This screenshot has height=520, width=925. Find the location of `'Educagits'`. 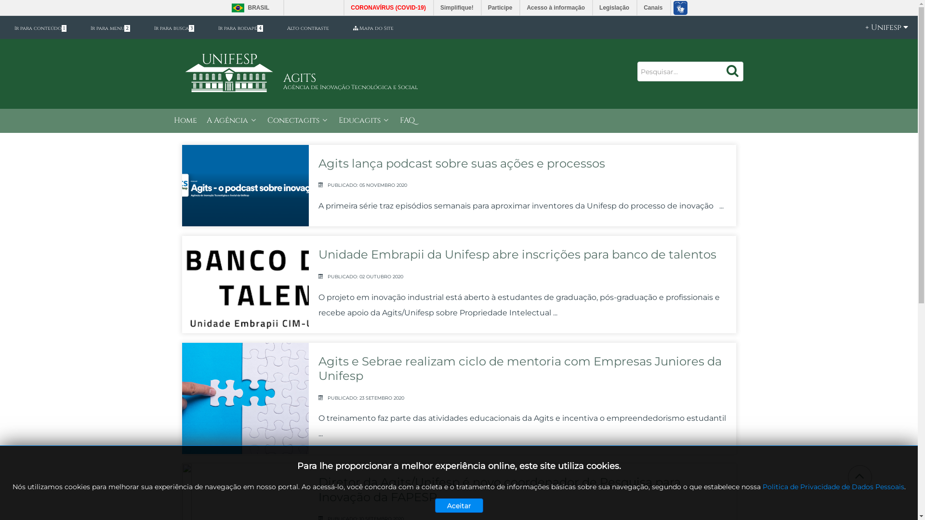

'Educagits' is located at coordinates (363, 120).